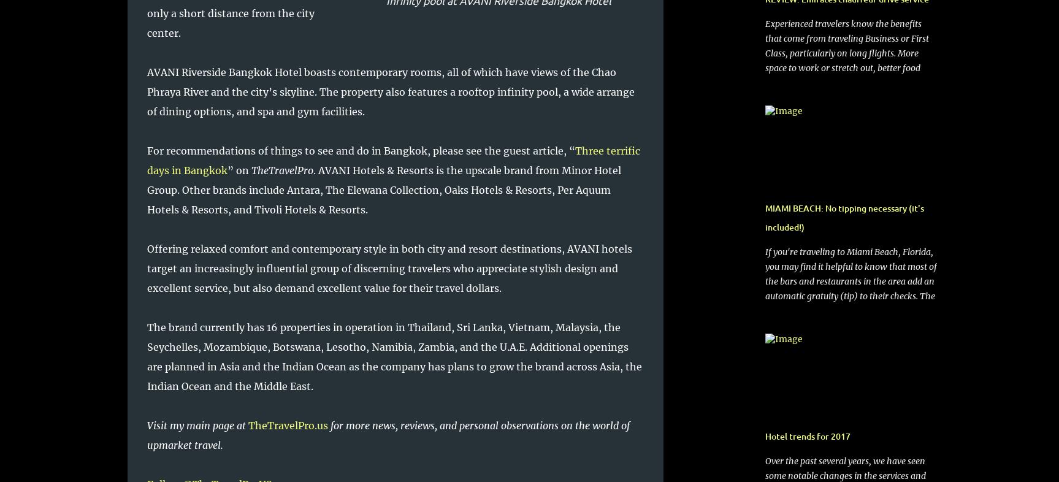 Image resolution: width=1059 pixels, height=482 pixels. Describe the element at coordinates (806, 436) in the screenshot. I see `'Hotel trends for 2017'` at that location.